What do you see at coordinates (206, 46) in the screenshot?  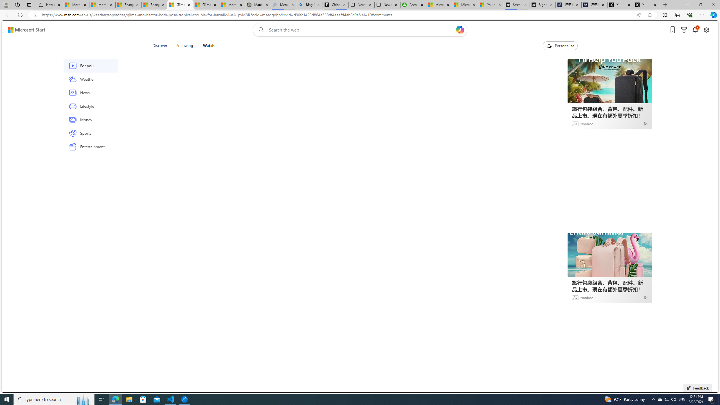 I see `'Watch'` at bounding box center [206, 46].